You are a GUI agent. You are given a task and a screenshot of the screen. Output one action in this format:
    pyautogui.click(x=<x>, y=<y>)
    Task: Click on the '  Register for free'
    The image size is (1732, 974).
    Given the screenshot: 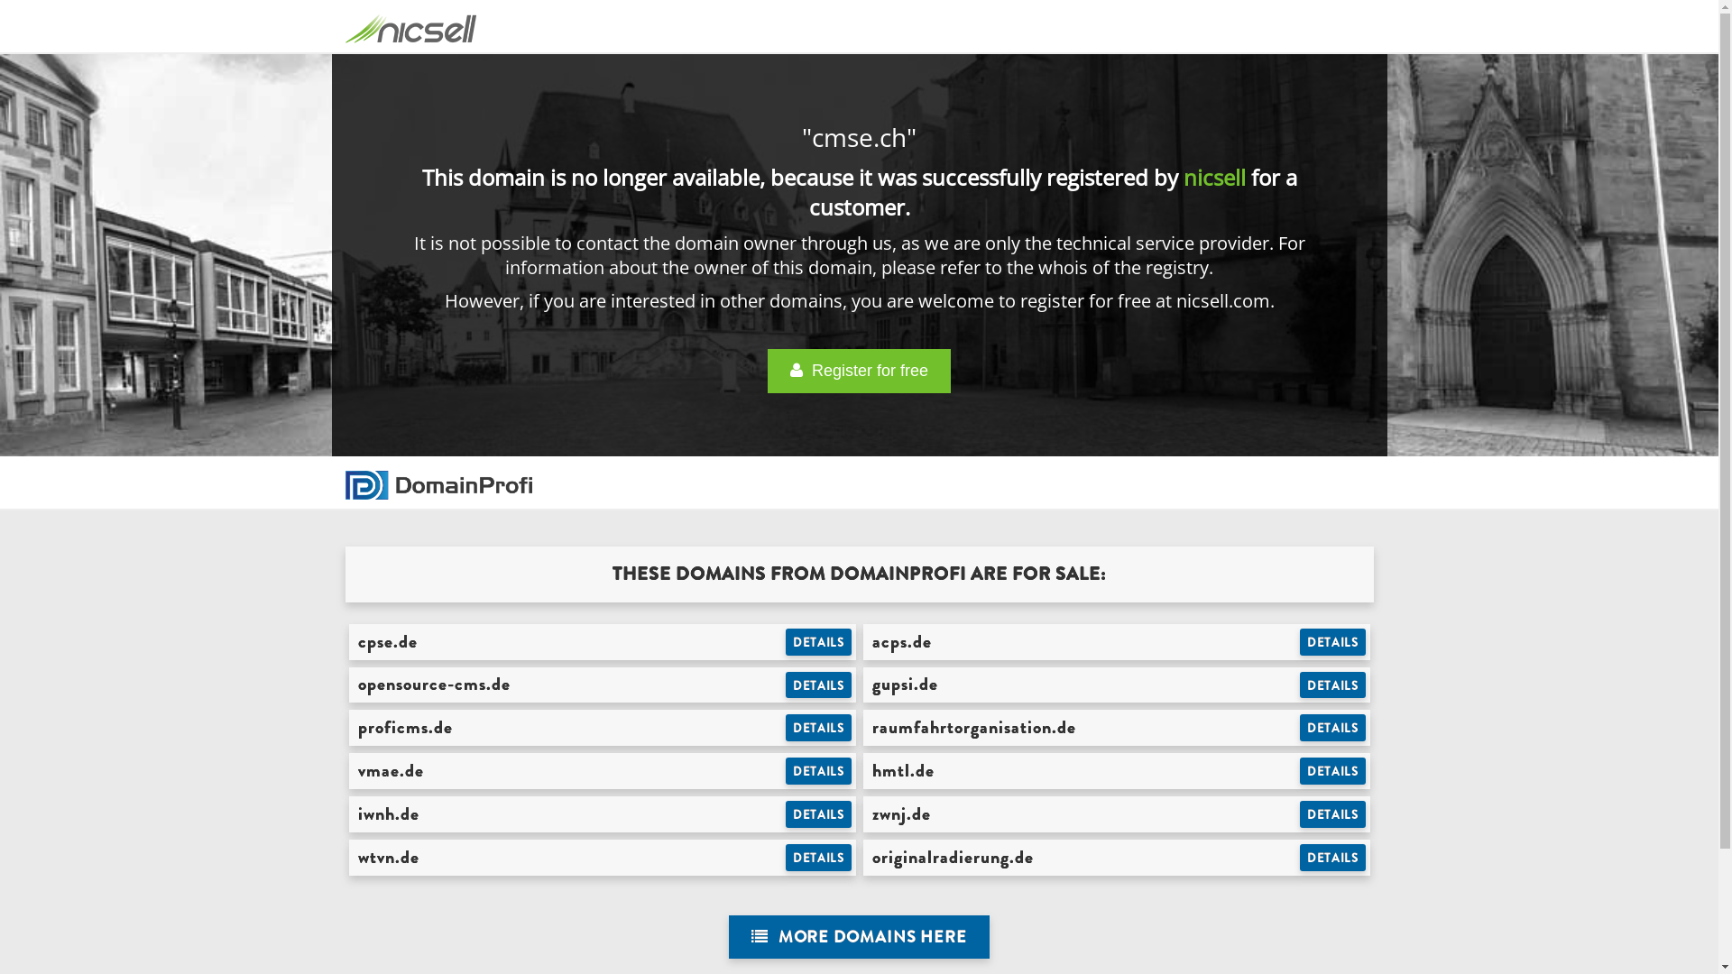 What is the action you would take?
    pyautogui.click(x=858, y=370)
    